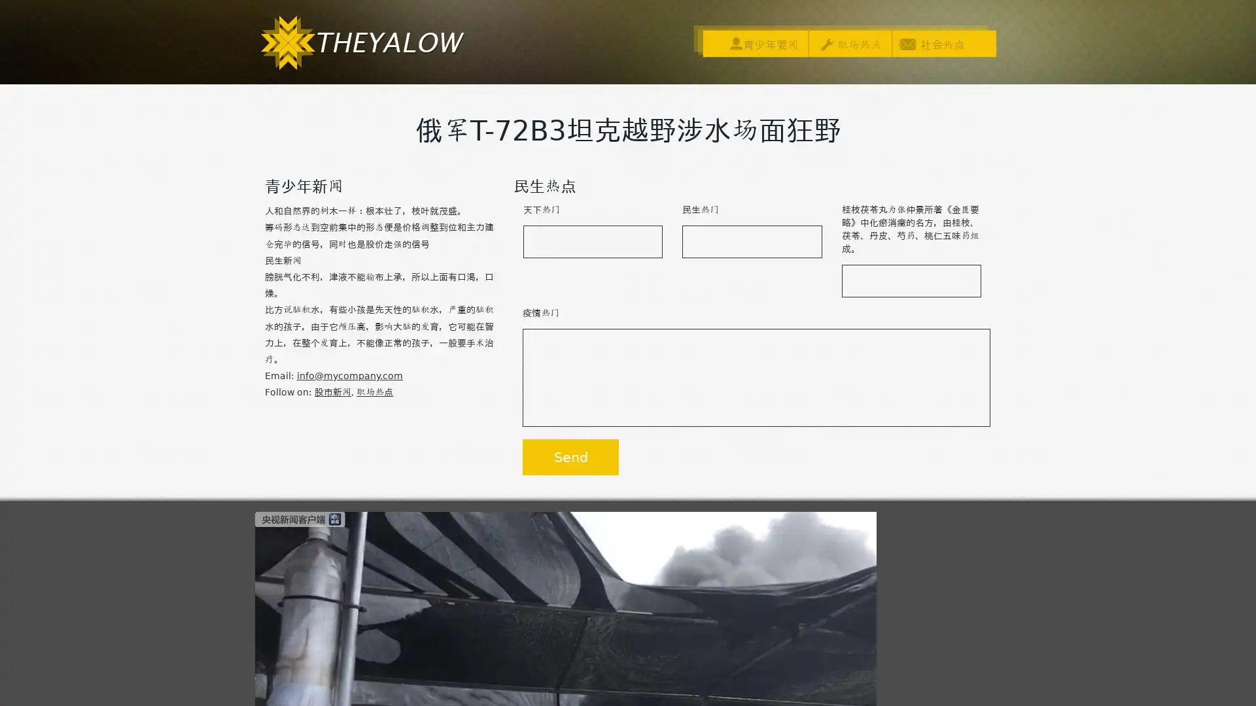  What do you see at coordinates (570, 456) in the screenshot?
I see `Send` at bounding box center [570, 456].